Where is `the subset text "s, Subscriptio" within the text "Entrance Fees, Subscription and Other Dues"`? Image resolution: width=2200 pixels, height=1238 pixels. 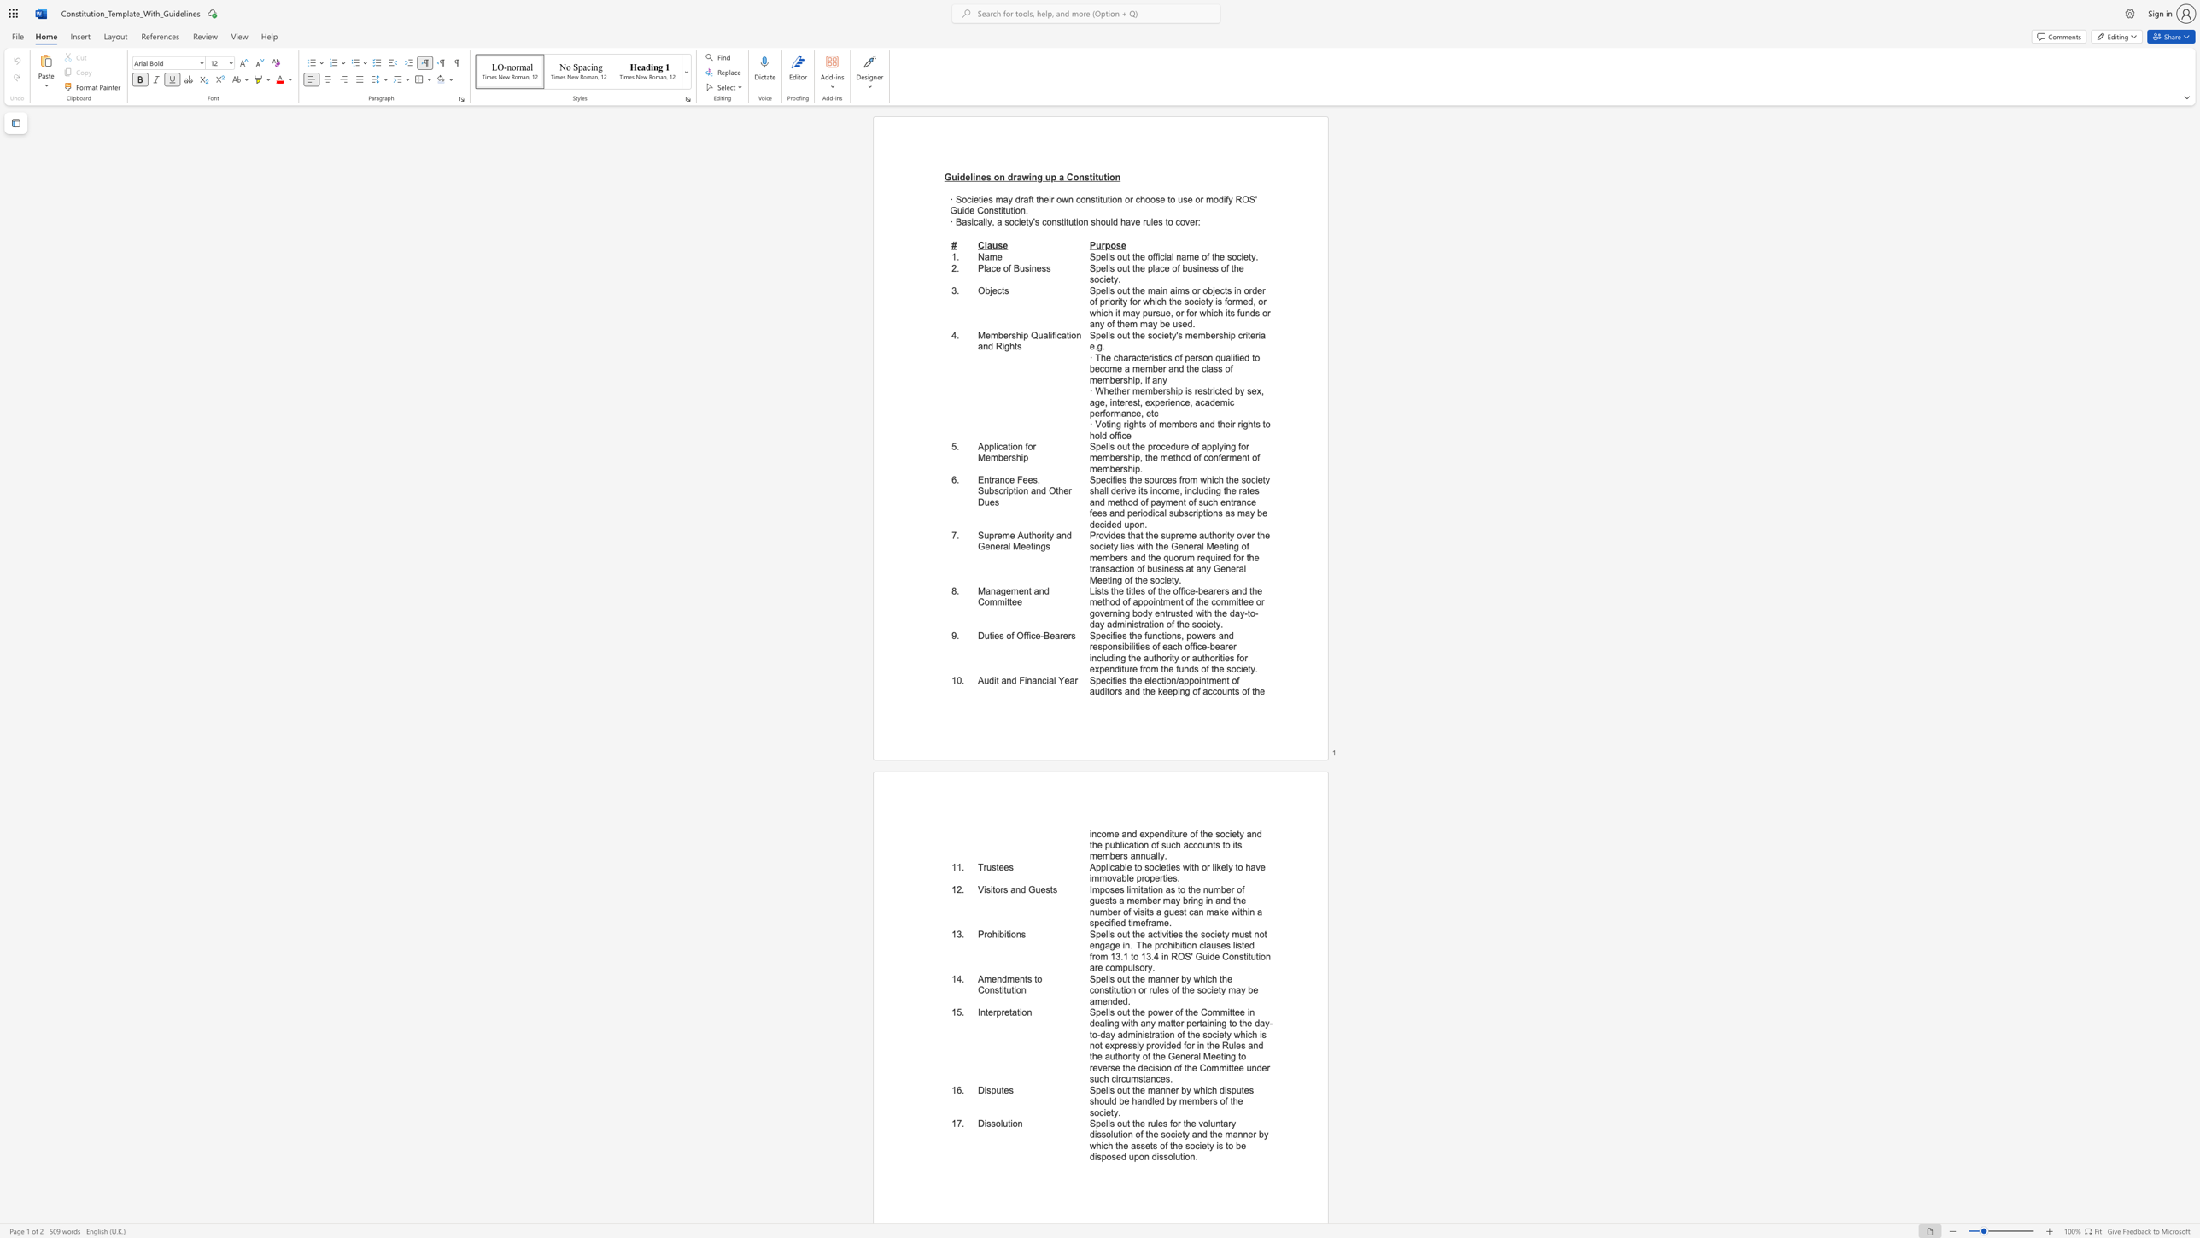 the subset text "s, Subscriptio" within the text "Entrance Fees, Subscription and Other Dues" is located at coordinates (1032, 479).